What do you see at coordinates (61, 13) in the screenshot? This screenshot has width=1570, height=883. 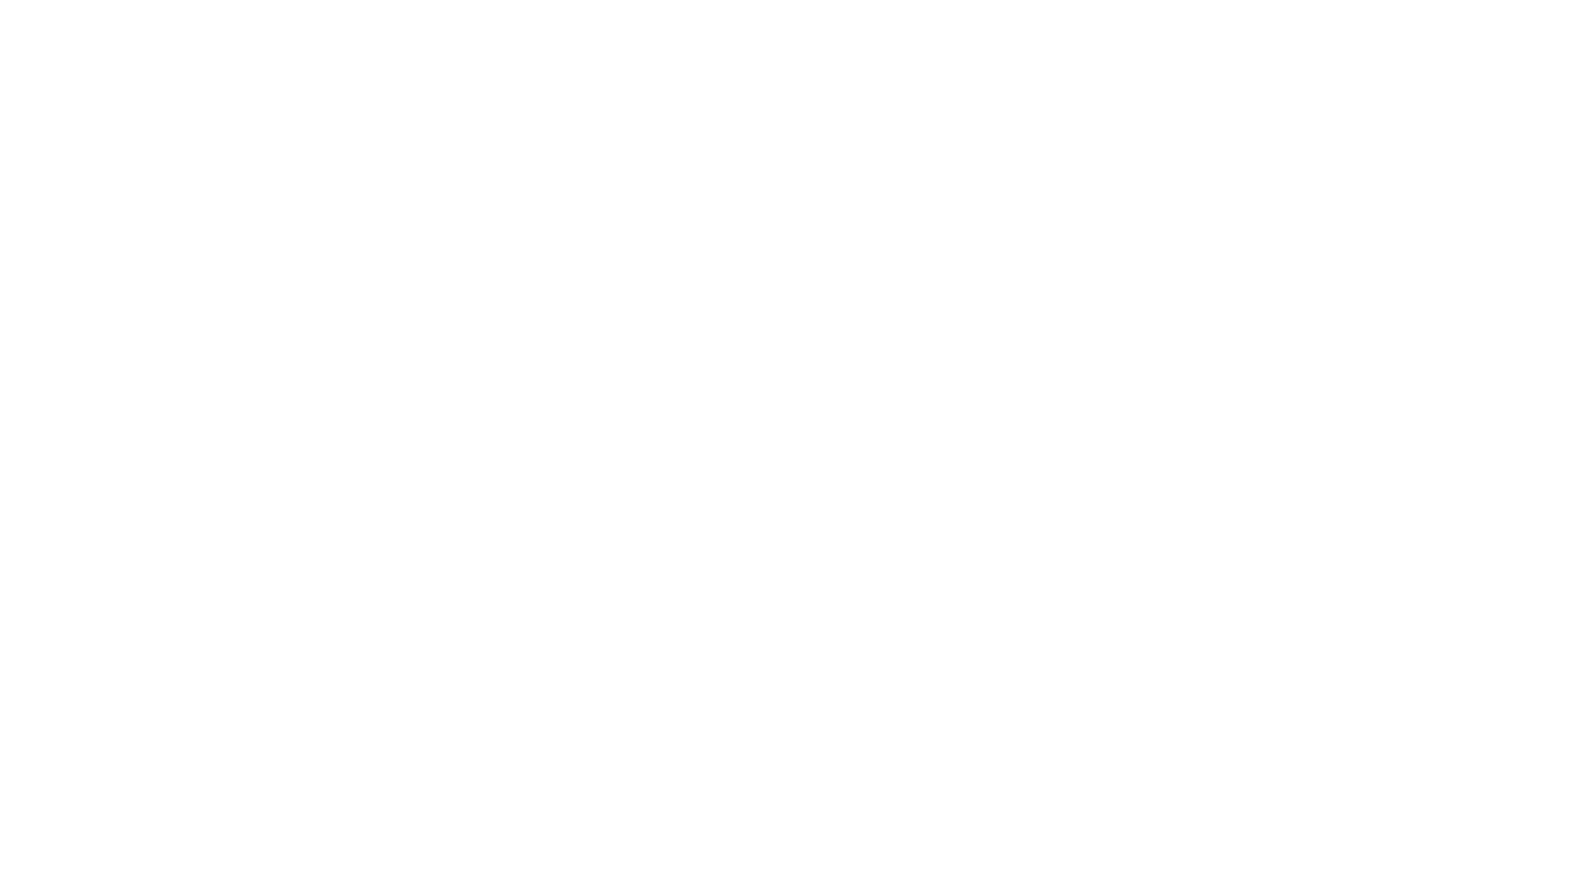 I see `'Skip to main content'` at bounding box center [61, 13].